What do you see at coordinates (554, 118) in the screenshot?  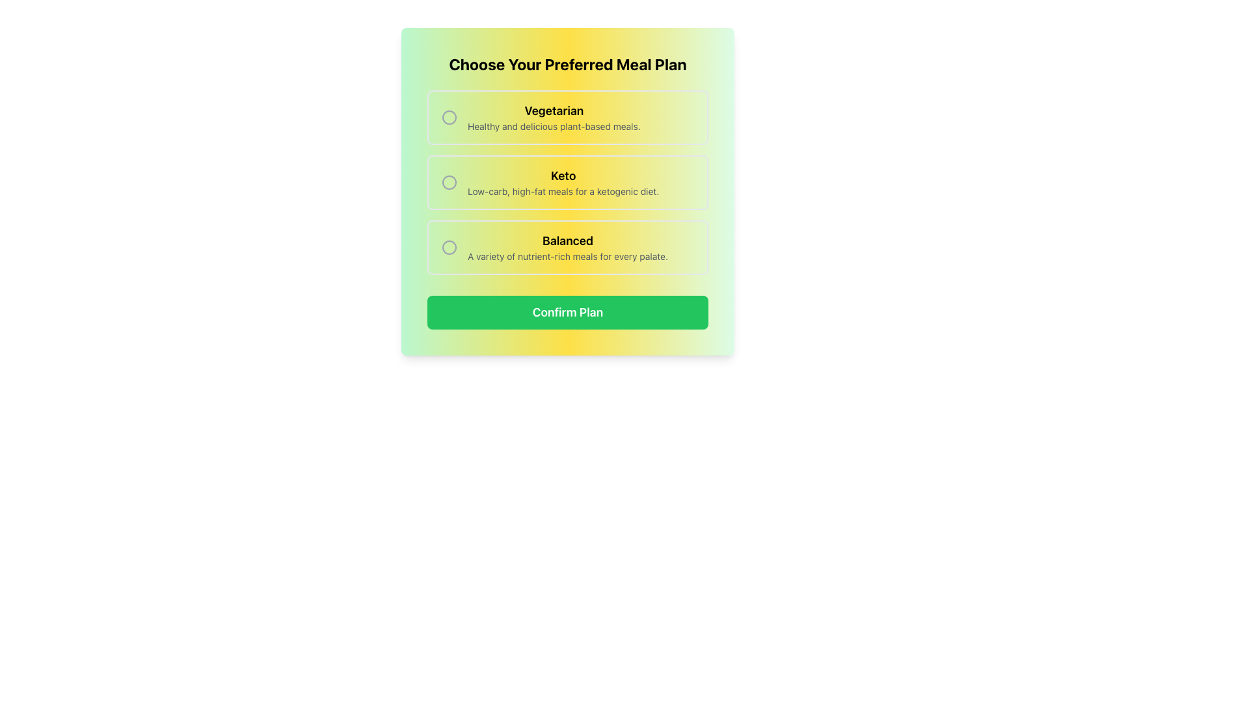 I see `the text element displaying 'Vegetarian'` at bounding box center [554, 118].